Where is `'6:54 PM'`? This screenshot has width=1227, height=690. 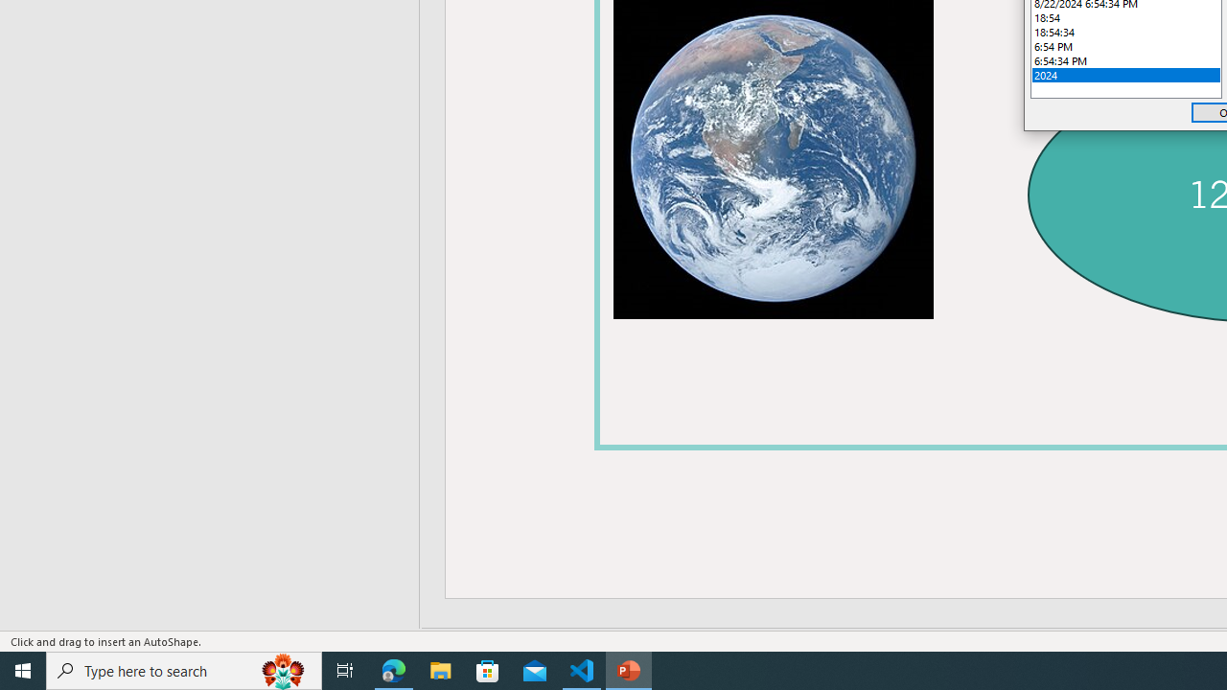
'6:54 PM' is located at coordinates (1126, 45).